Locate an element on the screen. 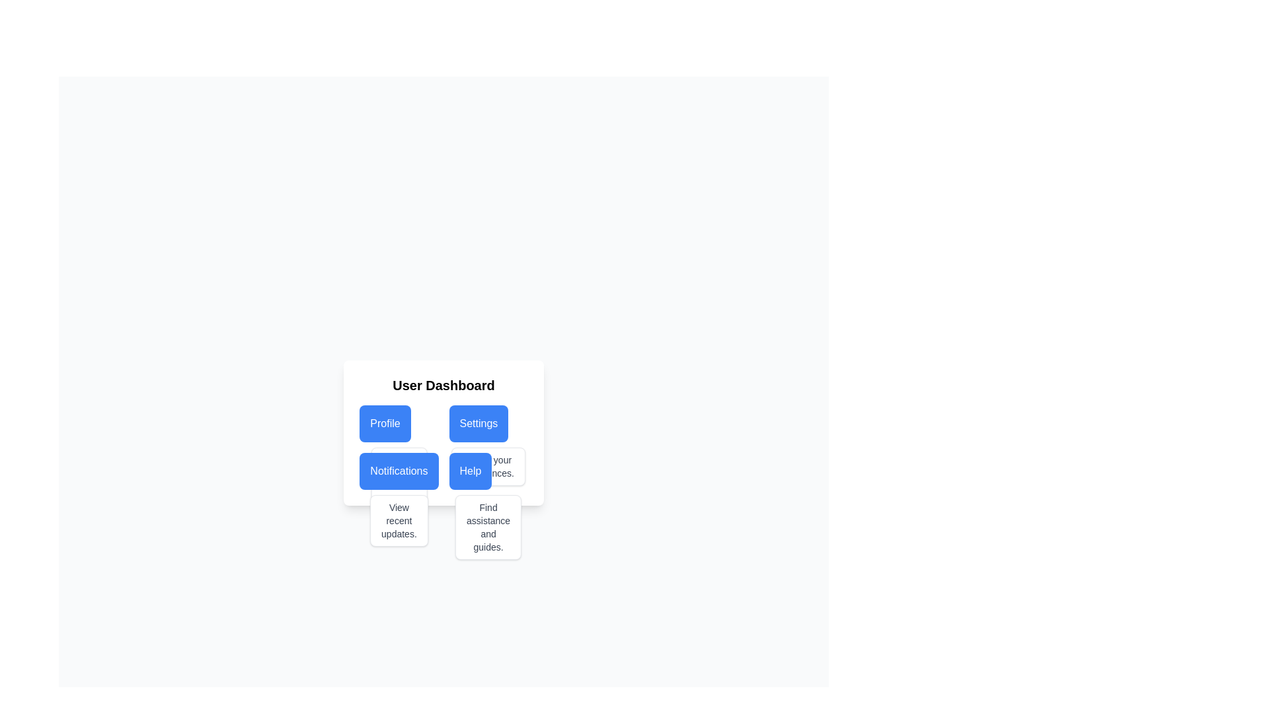 This screenshot has width=1269, height=713. the 'Notifications' button, which is a rectangular button with rounded corners, blue background, and white text is located at coordinates (398, 470).